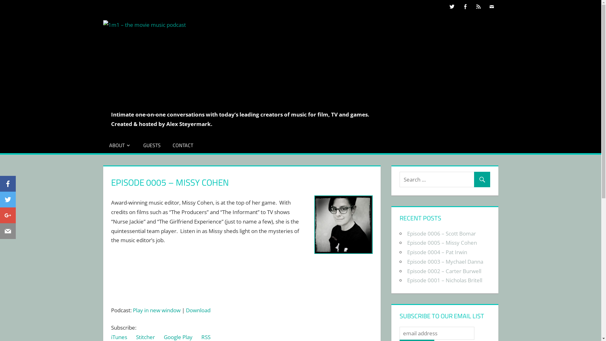 The width and height of the screenshot is (606, 341). I want to click on 'Stitcher', so click(145, 337).